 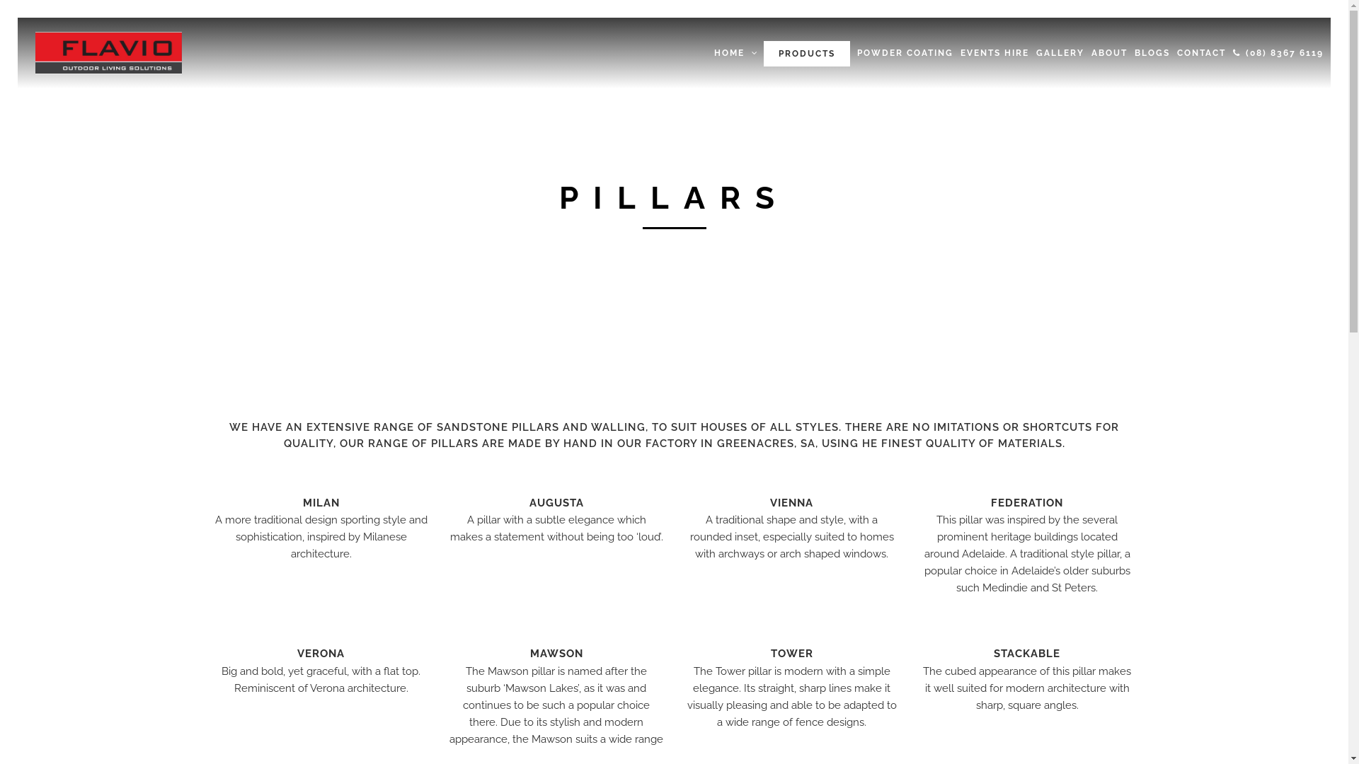 What do you see at coordinates (801, 52) in the screenshot?
I see `'PRODUCTS'` at bounding box center [801, 52].